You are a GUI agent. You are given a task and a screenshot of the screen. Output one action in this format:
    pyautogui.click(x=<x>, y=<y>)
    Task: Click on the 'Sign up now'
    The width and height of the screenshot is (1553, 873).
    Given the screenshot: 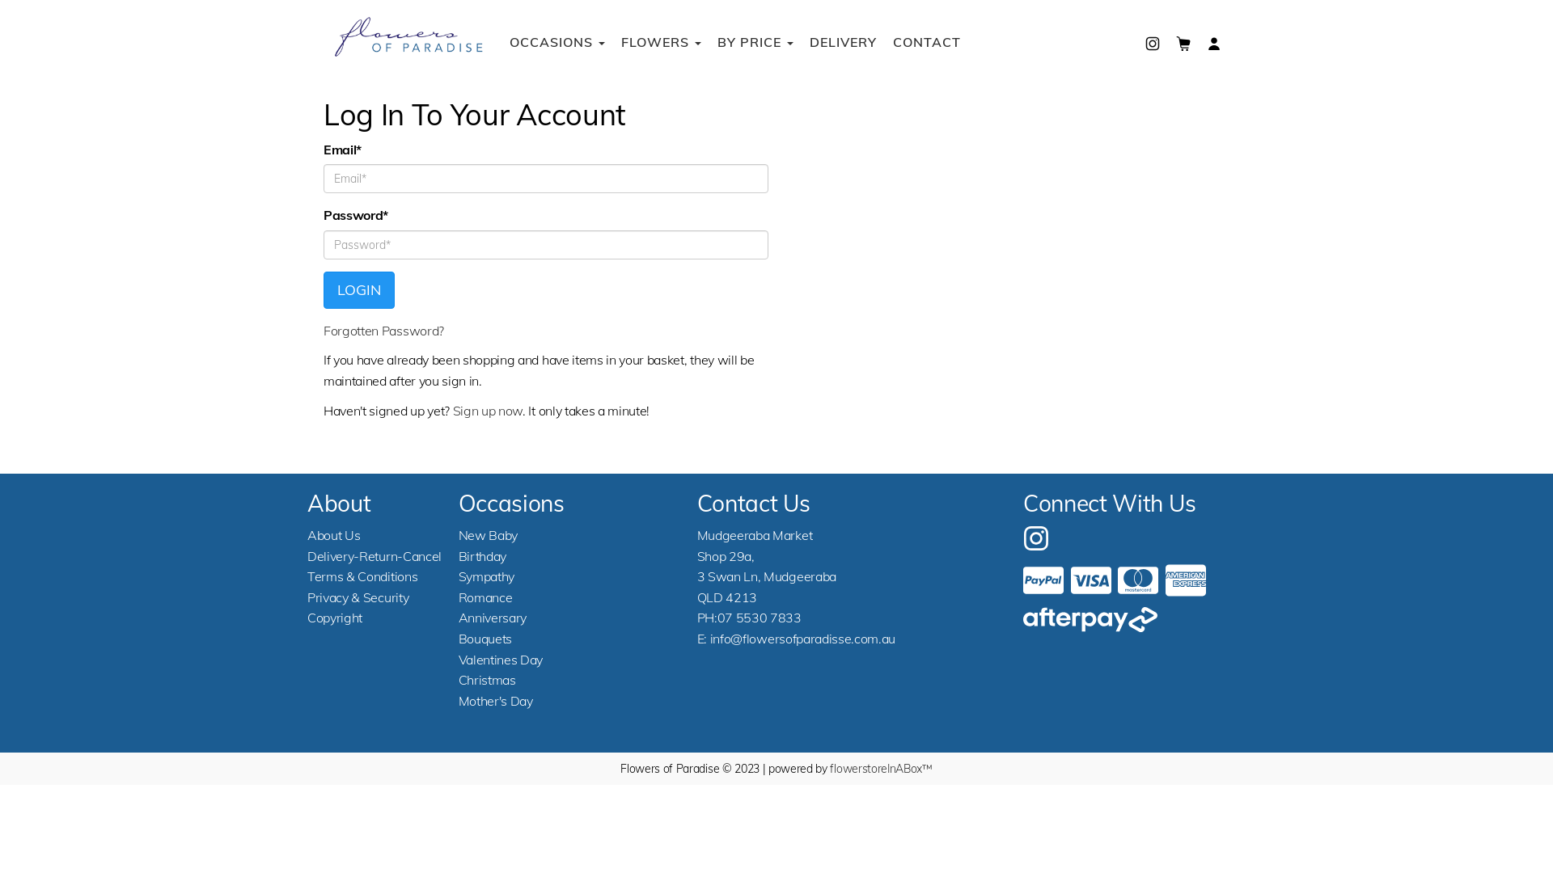 What is the action you would take?
    pyautogui.click(x=453, y=410)
    